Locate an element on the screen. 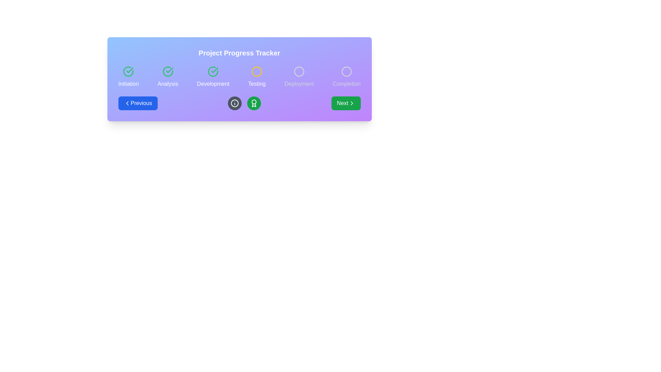 The height and width of the screenshot is (372, 661). the informational help icon button located in the horizontal navigation panel between the 'Previous' and 'Next' buttons is located at coordinates (239, 103).